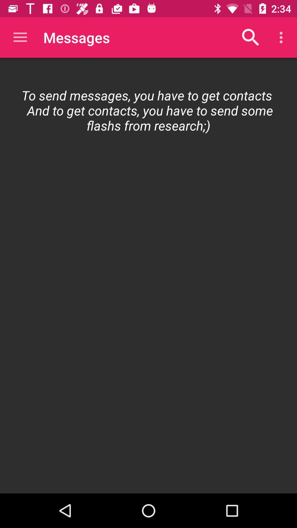 Image resolution: width=297 pixels, height=528 pixels. What do you see at coordinates (251, 37) in the screenshot?
I see `item to the right of the messages app` at bounding box center [251, 37].